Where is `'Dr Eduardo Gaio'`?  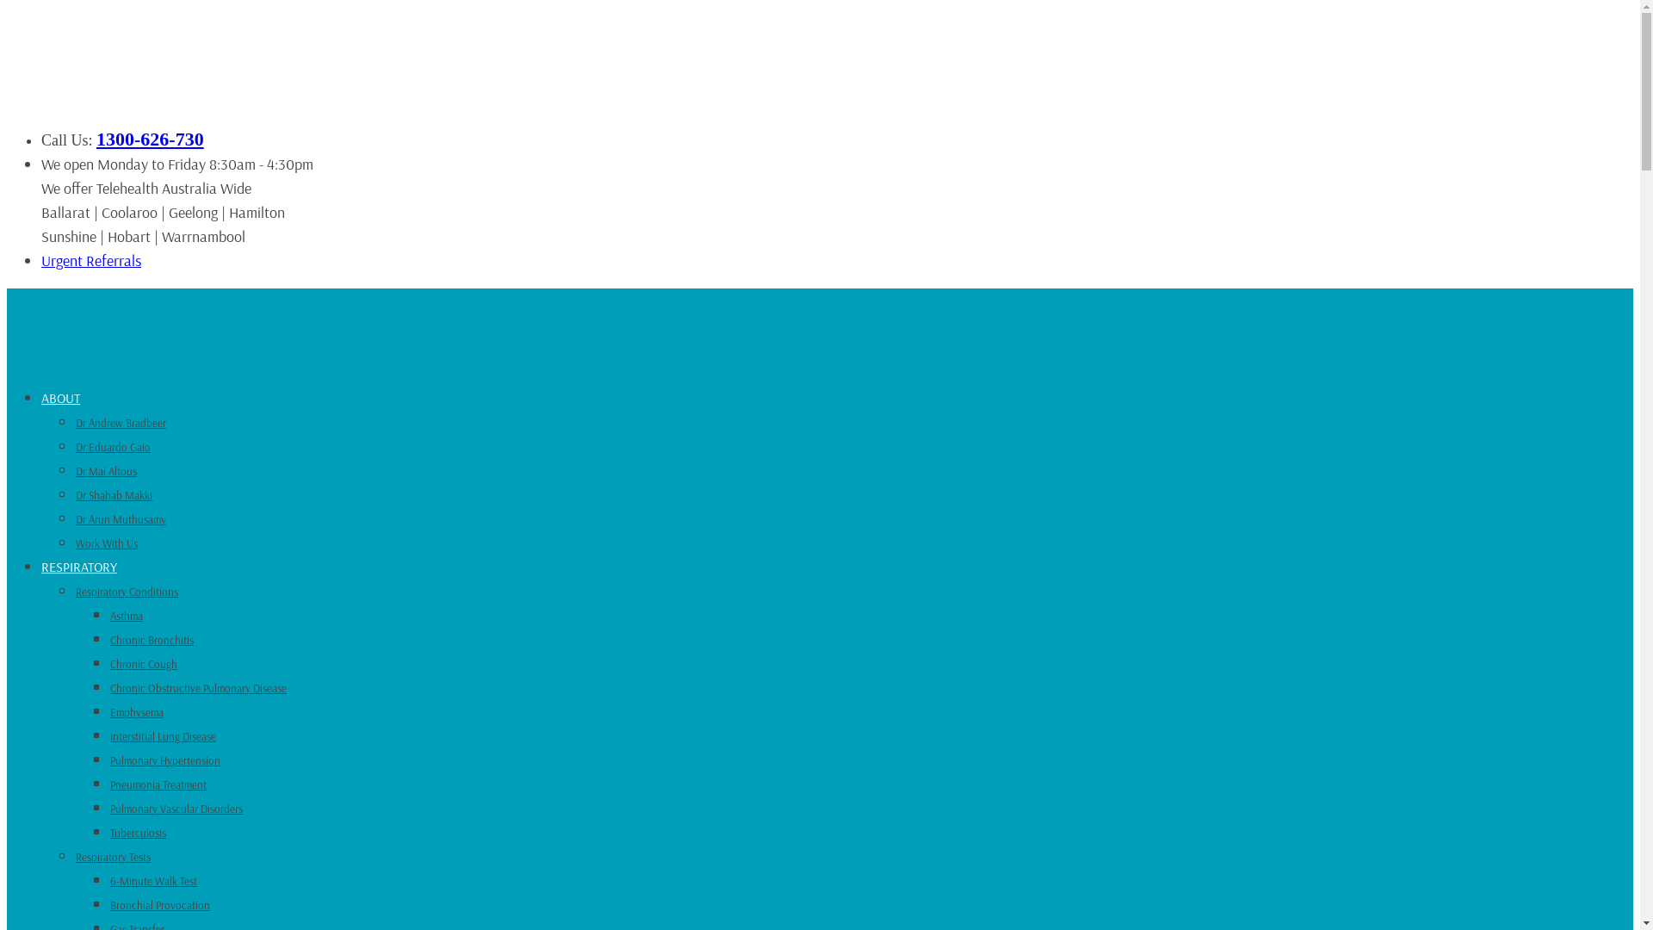
'Dr Eduardo Gaio' is located at coordinates (112, 446).